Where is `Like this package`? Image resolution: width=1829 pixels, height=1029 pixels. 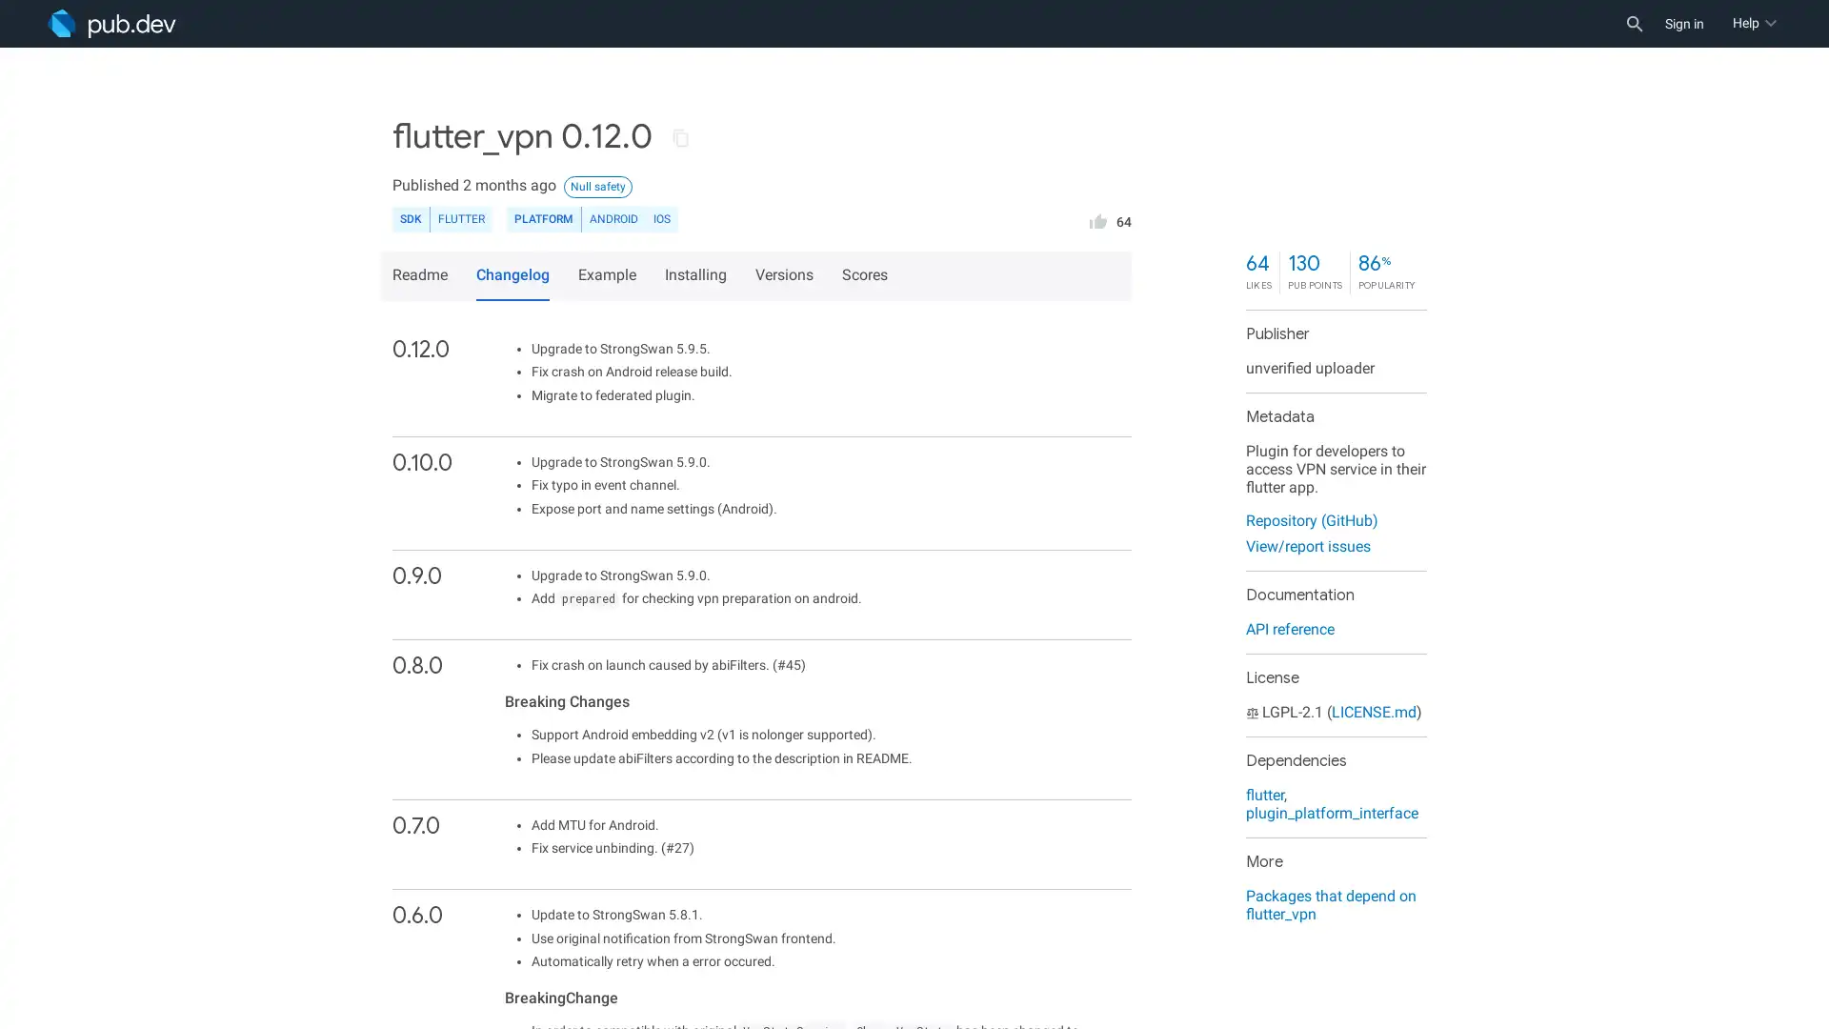
Like this package is located at coordinates (1097, 218).